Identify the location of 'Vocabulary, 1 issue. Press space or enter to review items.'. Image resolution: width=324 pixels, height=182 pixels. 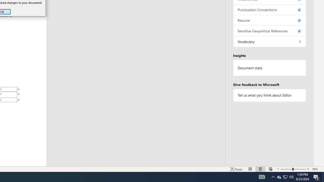
(269, 41).